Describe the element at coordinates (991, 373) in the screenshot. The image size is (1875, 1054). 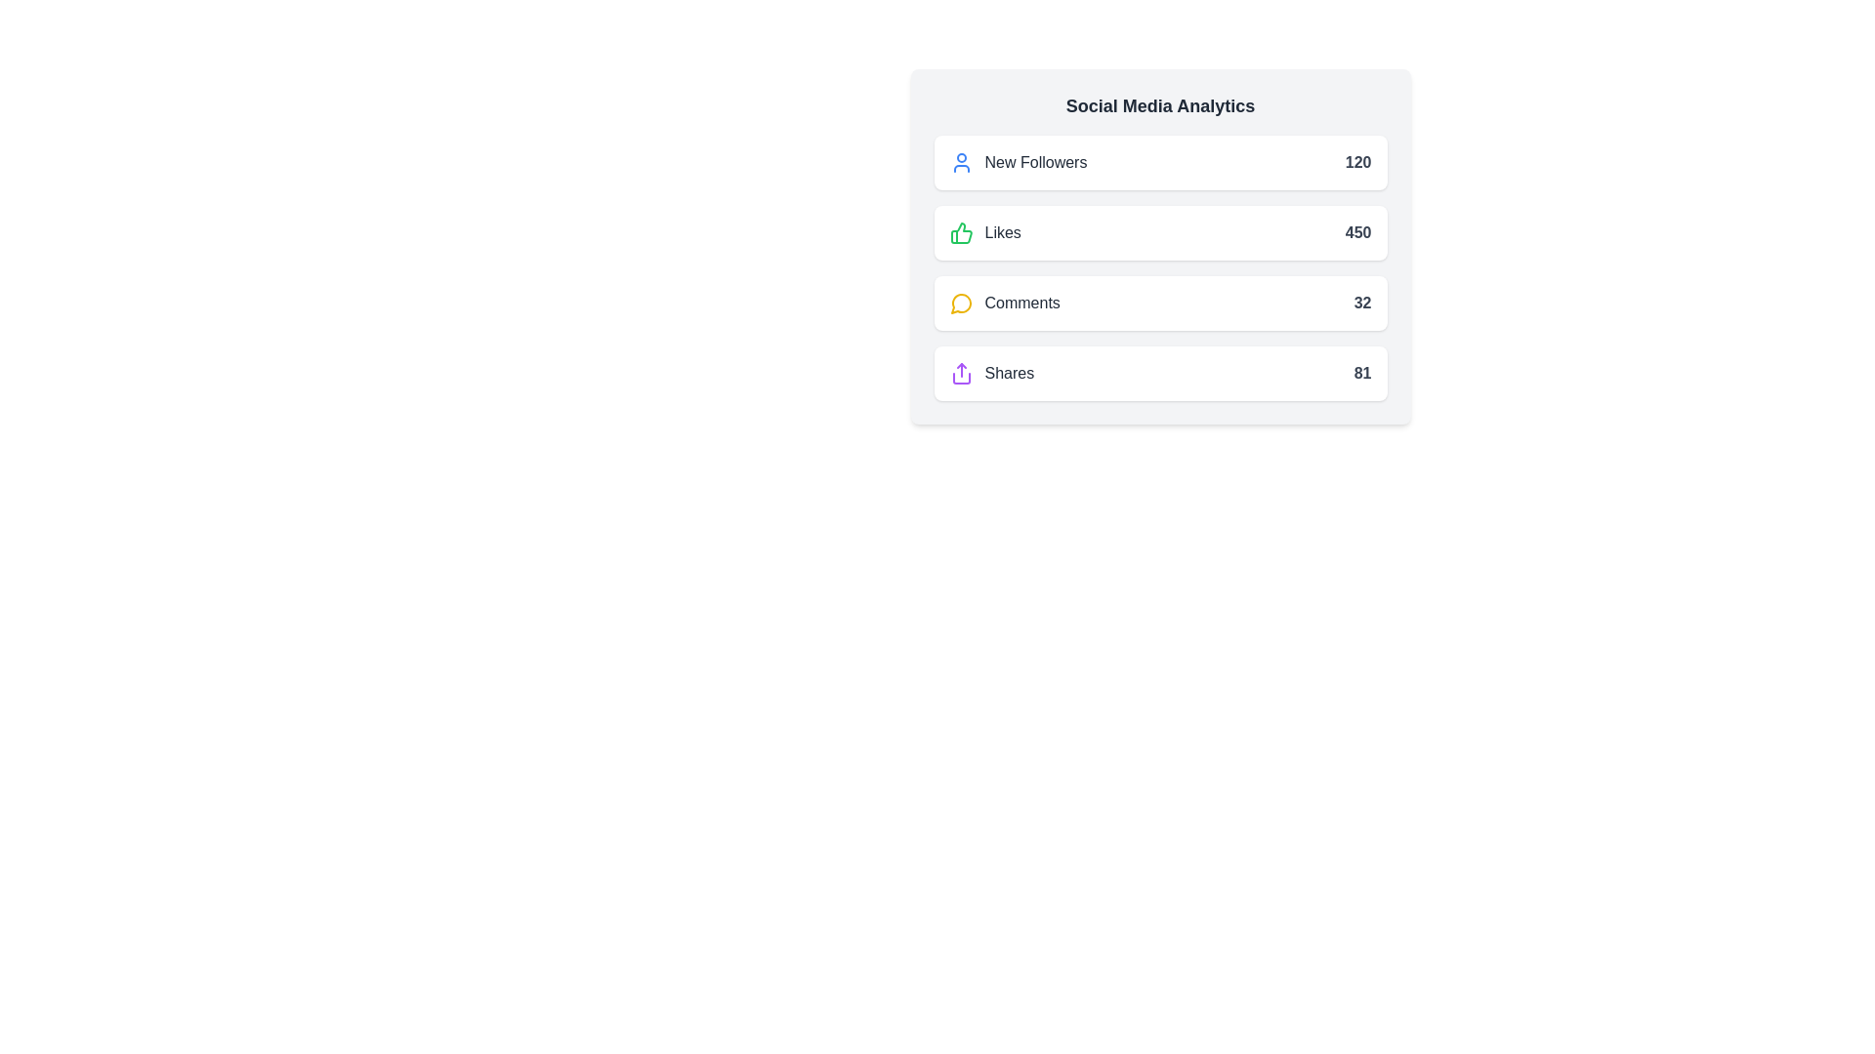
I see `the text label that describes the number of shares, which is located in the bottom section of the 'Social Media Analytics' box, specifically in the fourth row of information` at that location.